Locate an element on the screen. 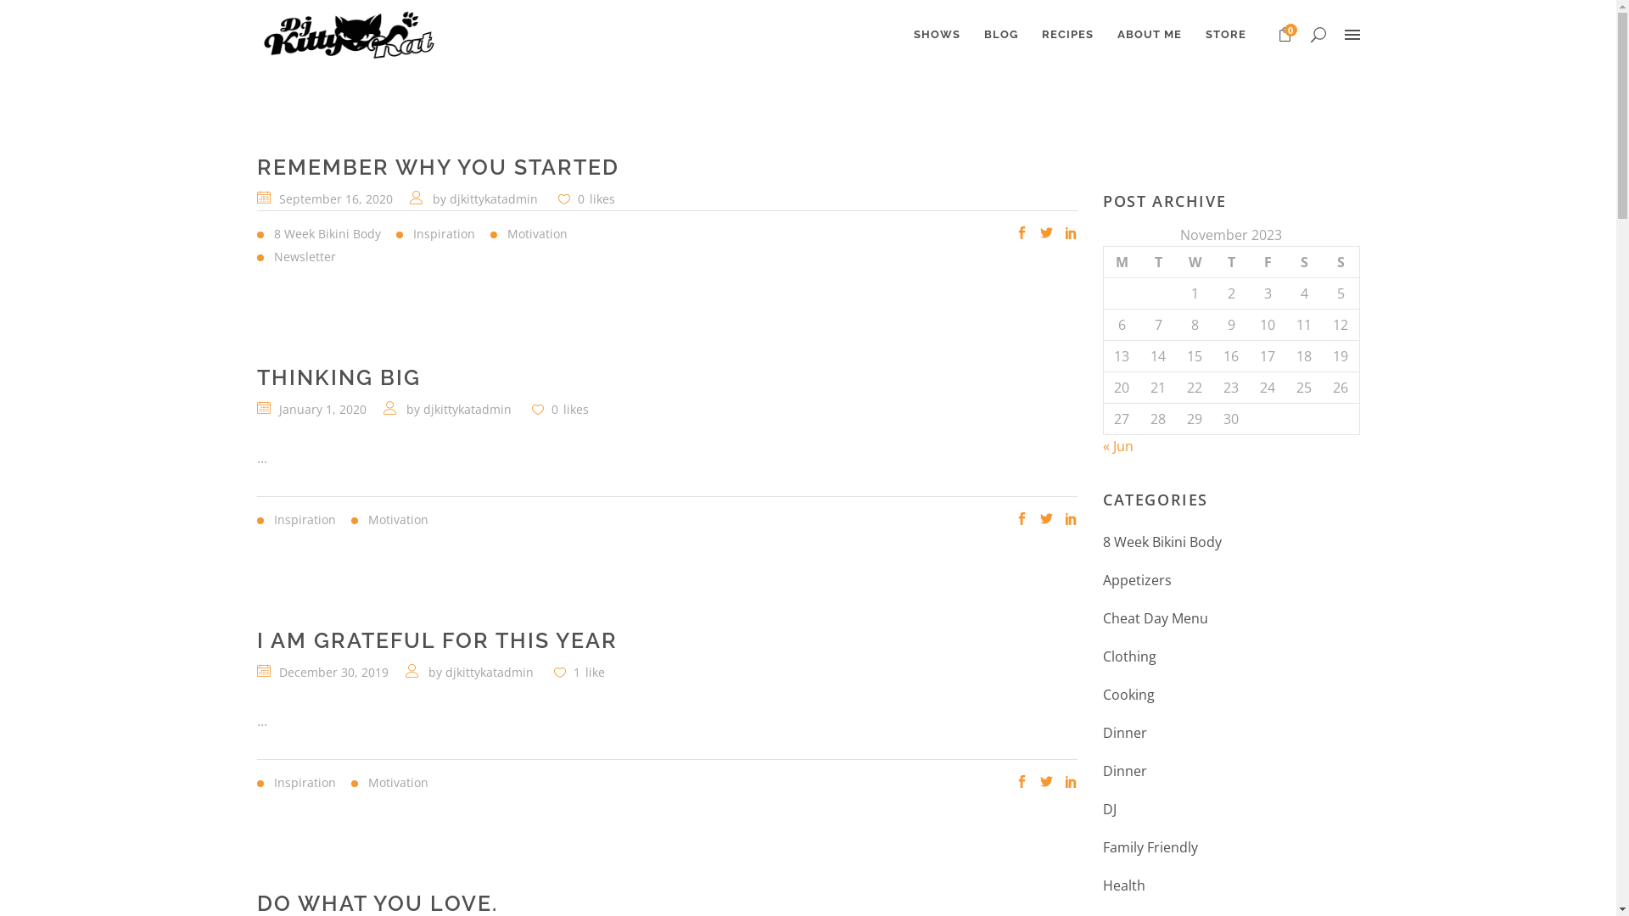  'STORE' is located at coordinates (1225, 35).